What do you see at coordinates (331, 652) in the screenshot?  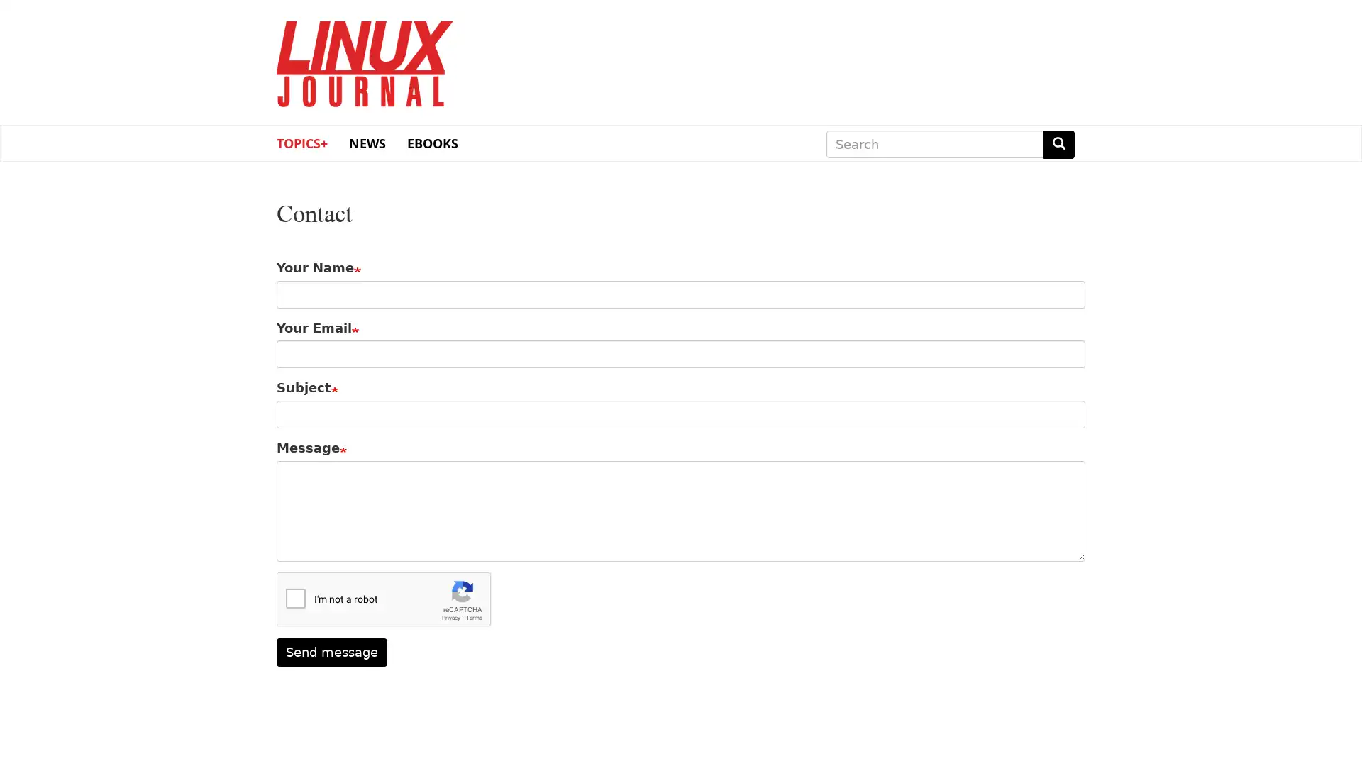 I see `Send message` at bounding box center [331, 652].